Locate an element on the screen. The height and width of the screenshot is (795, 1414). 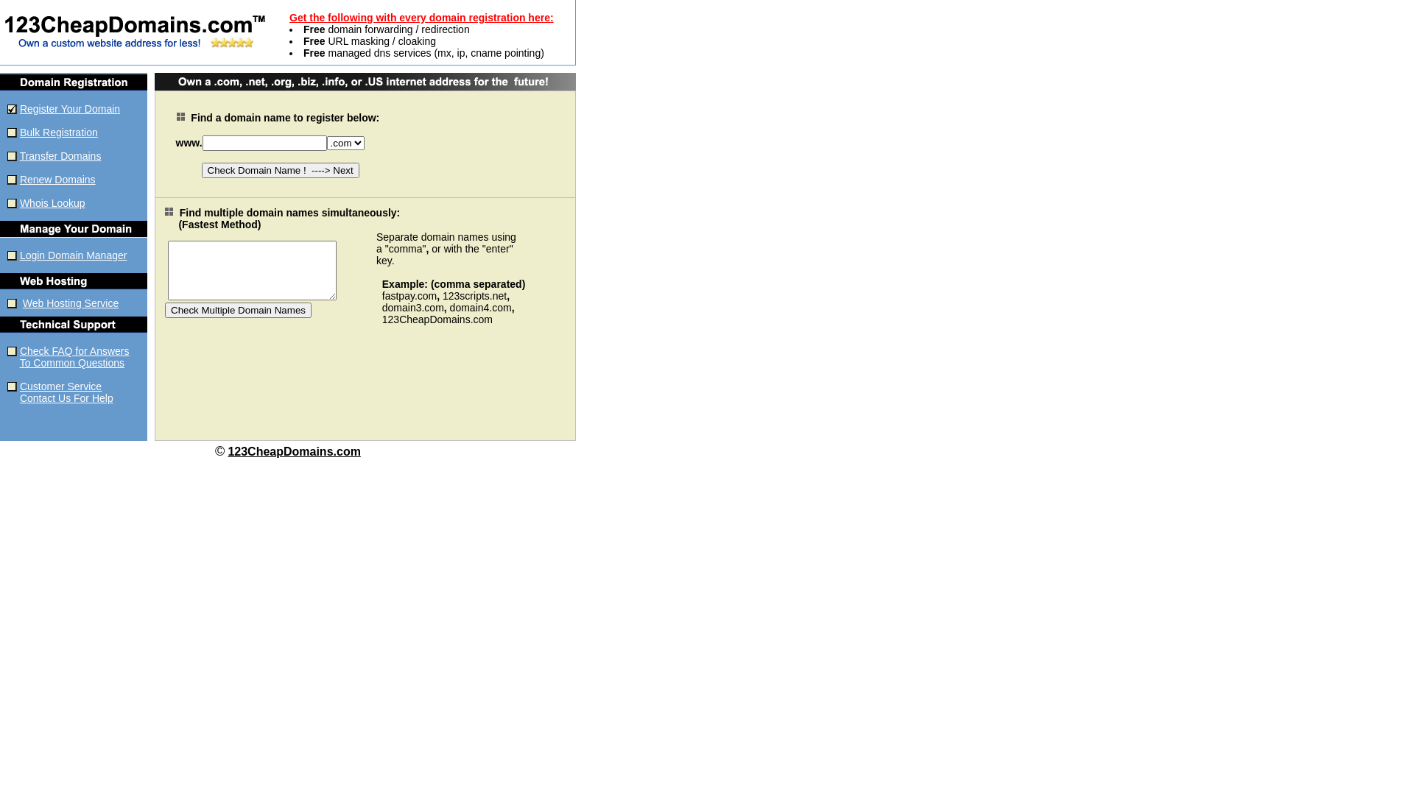
'To Common Questions' is located at coordinates (71, 363).